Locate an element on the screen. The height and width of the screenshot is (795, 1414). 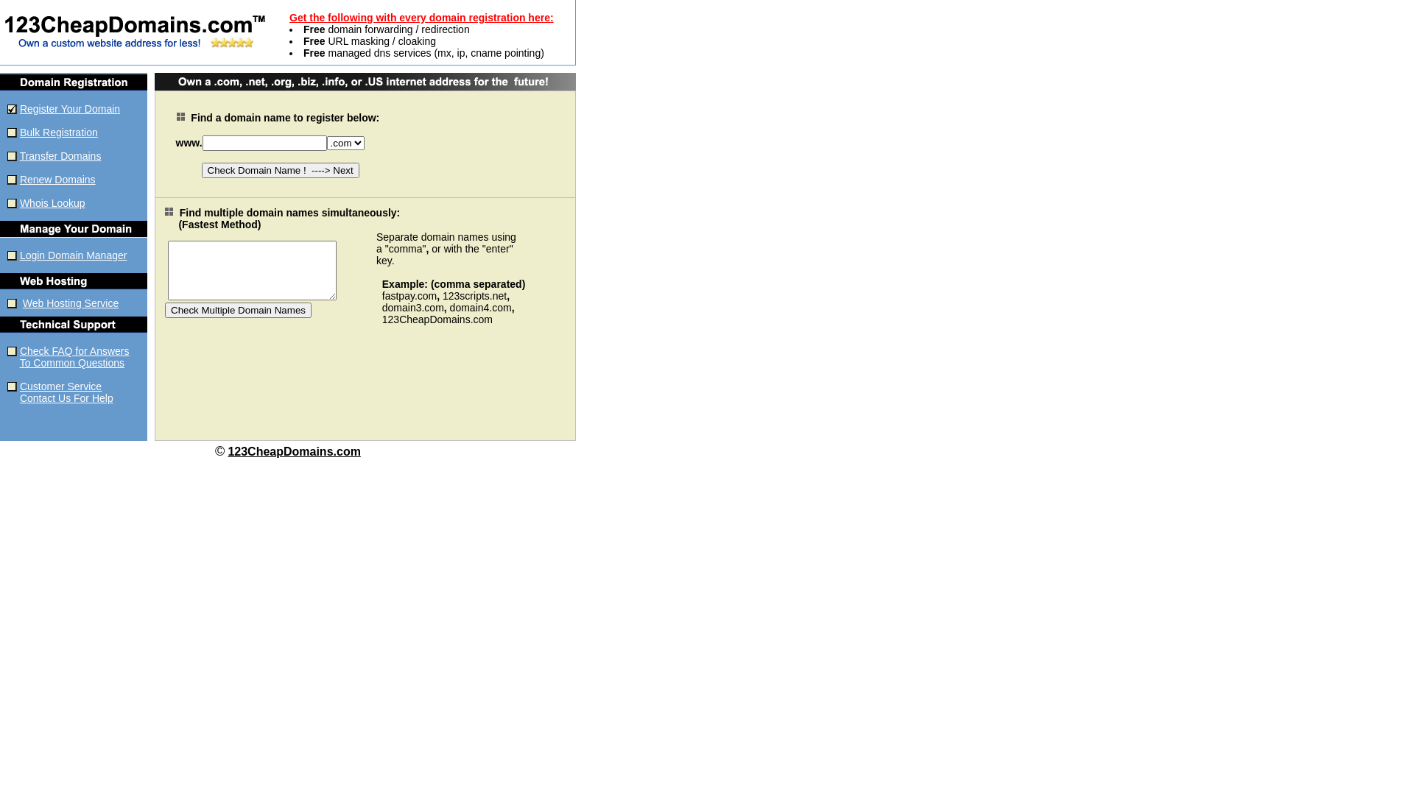
'To Common Questions' is located at coordinates (71, 363).